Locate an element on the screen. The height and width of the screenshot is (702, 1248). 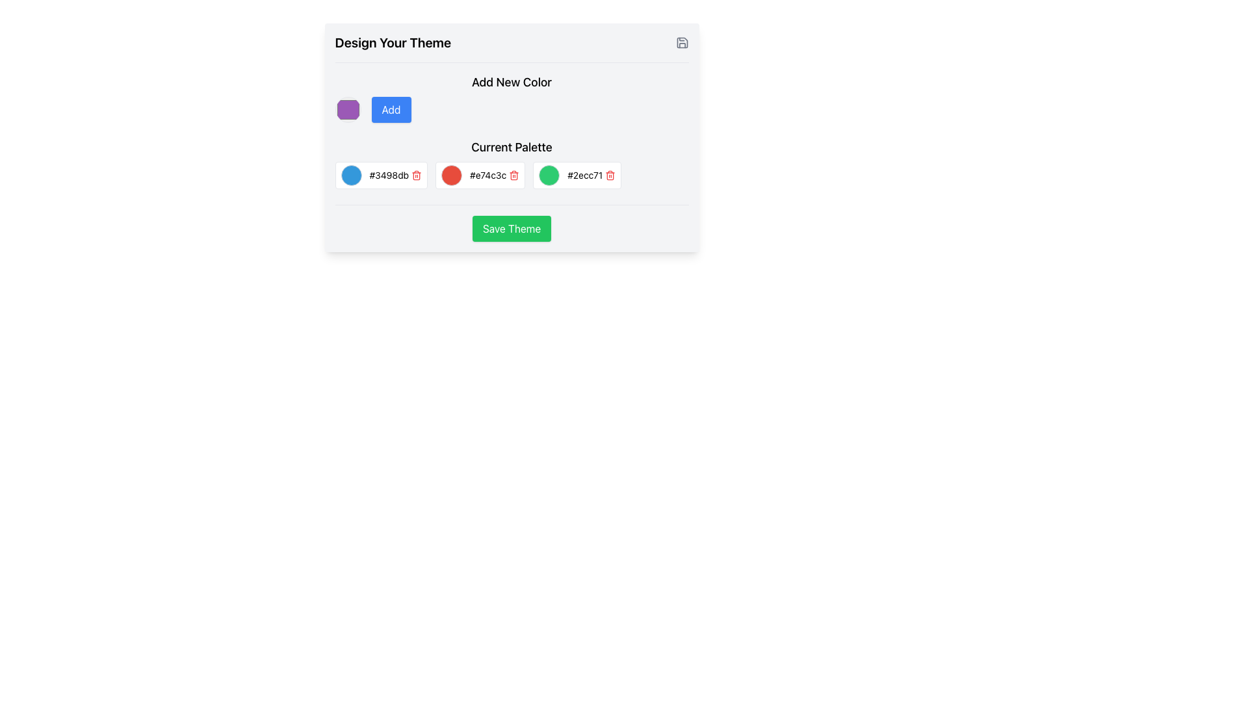
the 'Add New Color' button located near the top-left section of the interface, to the right of a circular purple element is located at coordinates (390, 109).